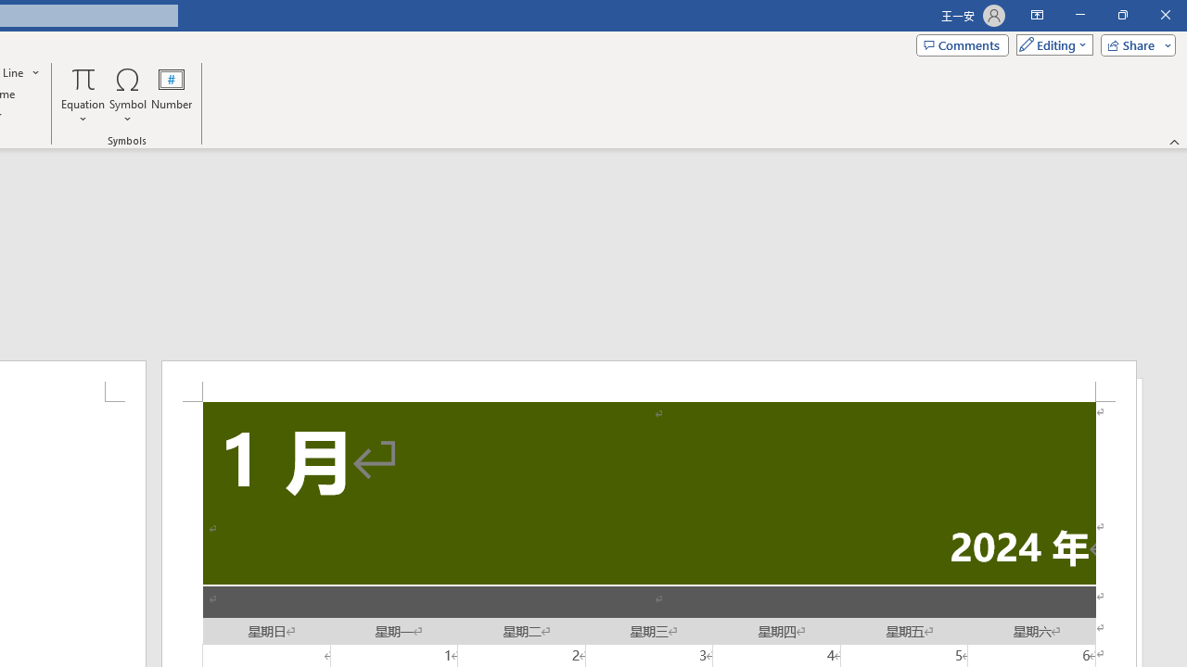 Image resolution: width=1187 pixels, height=667 pixels. I want to click on 'Equation', so click(83, 78).